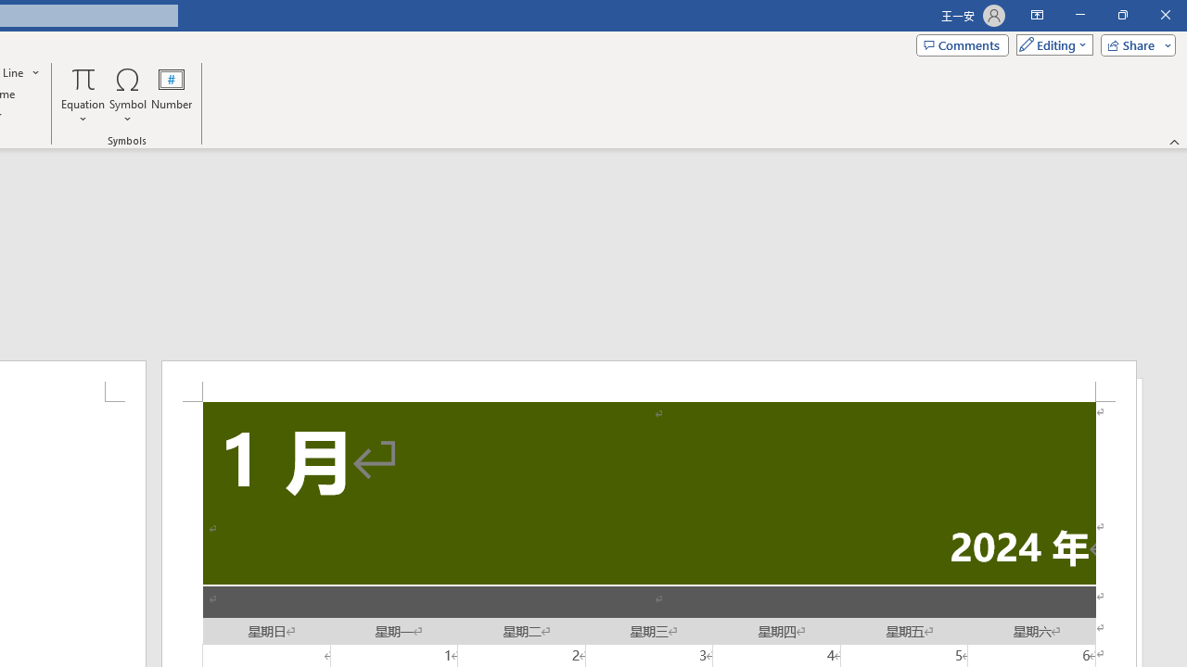 Image resolution: width=1187 pixels, height=667 pixels. I want to click on 'Equation', so click(83, 78).